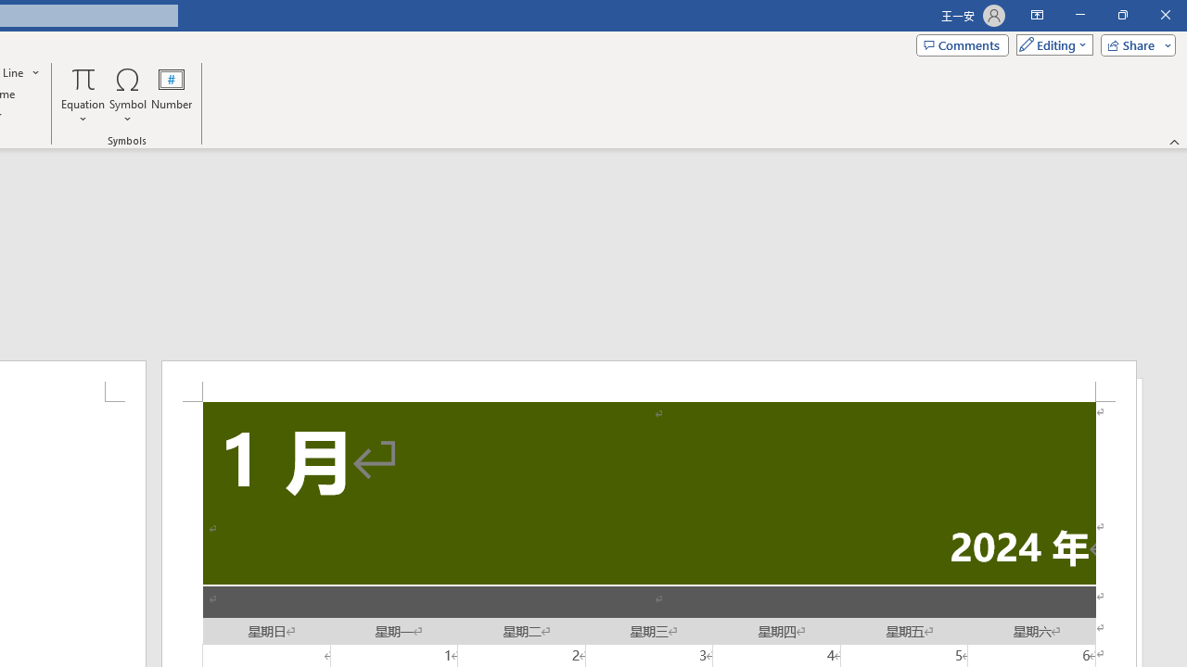 Image resolution: width=1187 pixels, height=667 pixels. I want to click on 'Equation', so click(83, 78).